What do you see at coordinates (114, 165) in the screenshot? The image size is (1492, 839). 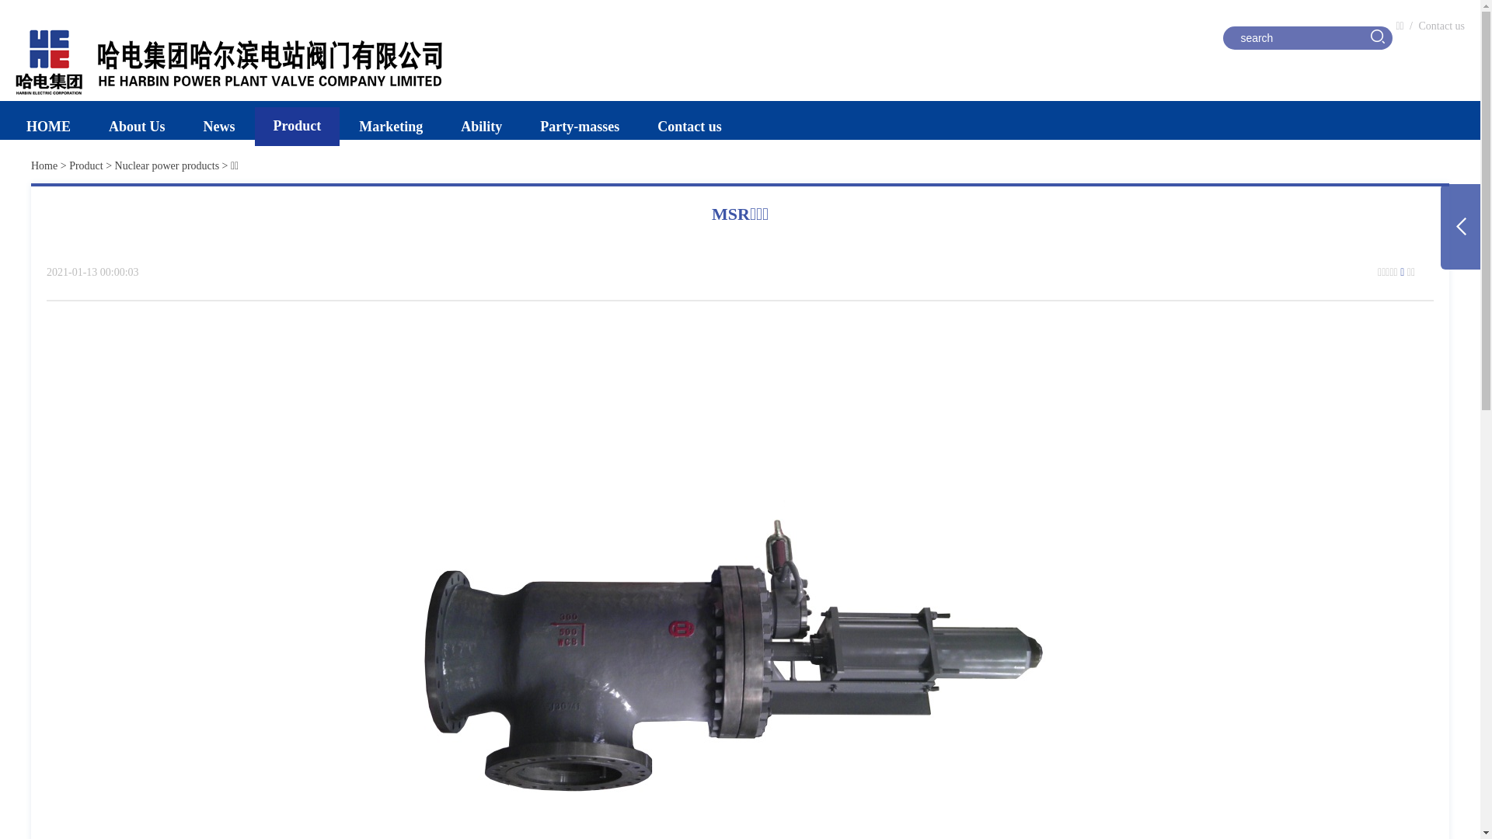 I see `'Nuclear power products'` at bounding box center [114, 165].